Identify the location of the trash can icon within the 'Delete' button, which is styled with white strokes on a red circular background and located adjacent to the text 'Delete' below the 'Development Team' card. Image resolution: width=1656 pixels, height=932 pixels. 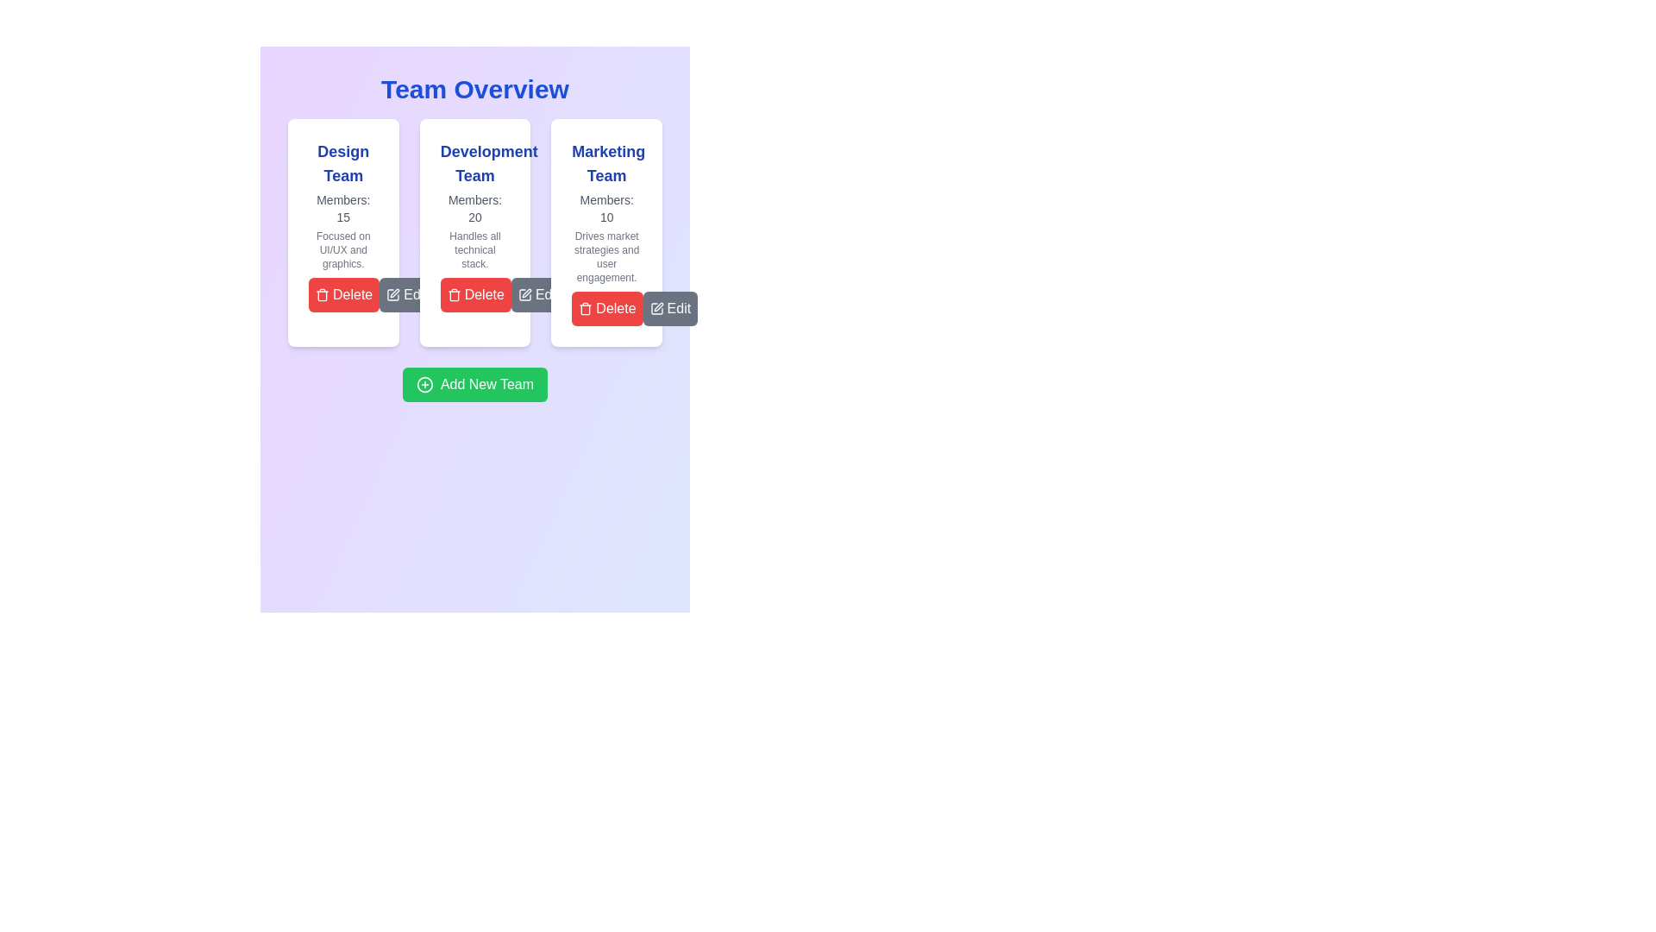
(586, 308).